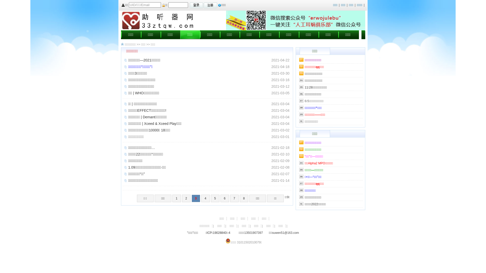  Describe the element at coordinates (244, 198) in the screenshot. I see `'8'` at that location.